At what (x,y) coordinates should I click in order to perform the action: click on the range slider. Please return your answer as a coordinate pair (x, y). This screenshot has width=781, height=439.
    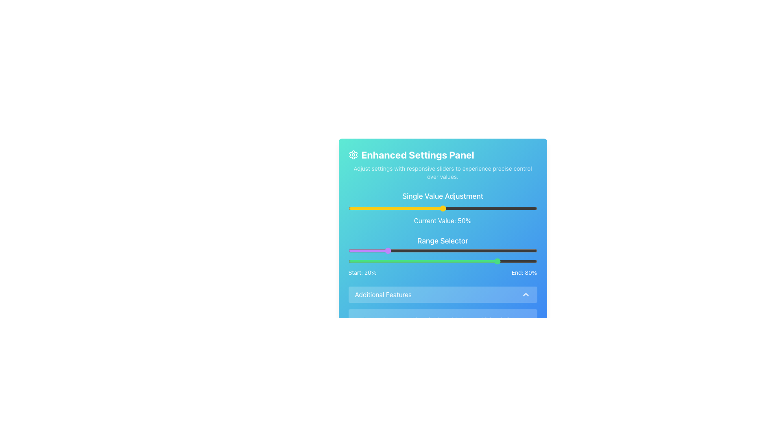
    Looking at the image, I should click on (476, 250).